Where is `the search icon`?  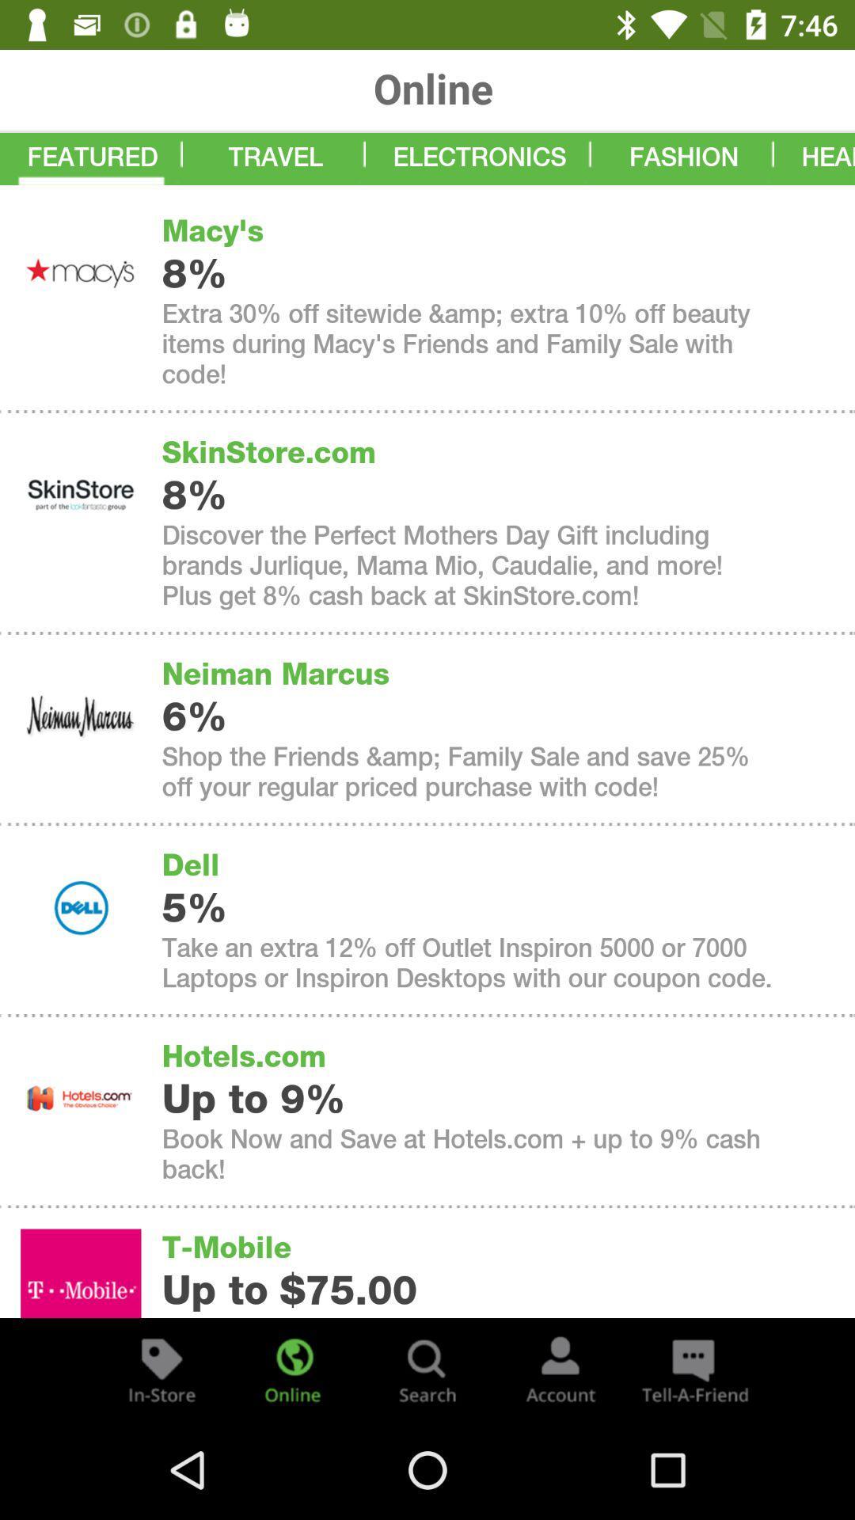
the search icon is located at coordinates (427, 1368).